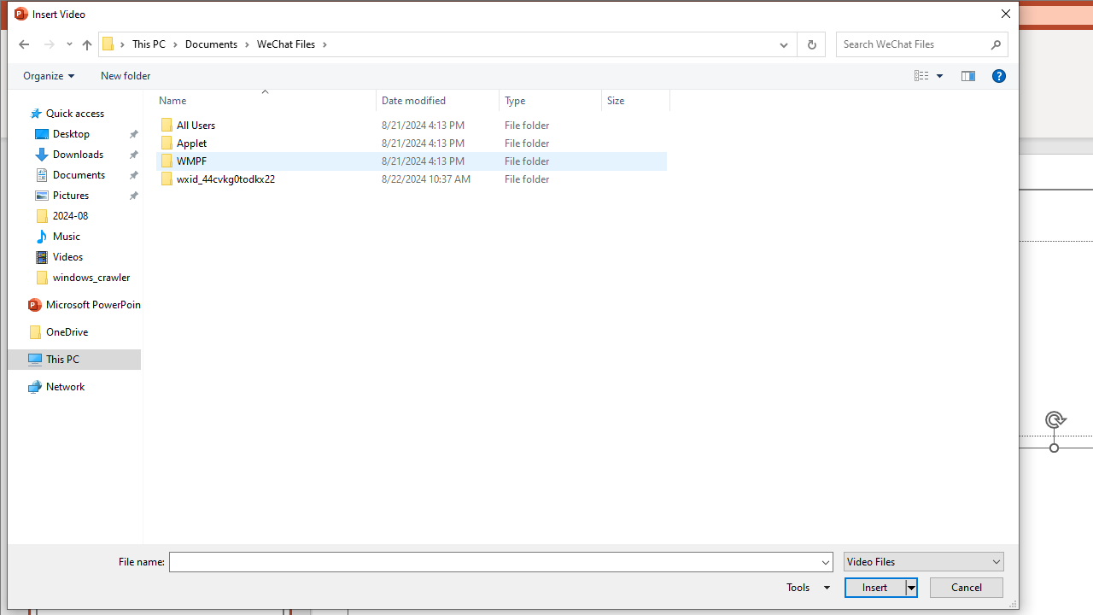  What do you see at coordinates (260, 100) in the screenshot?
I see `'Name'` at bounding box center [260, 100].